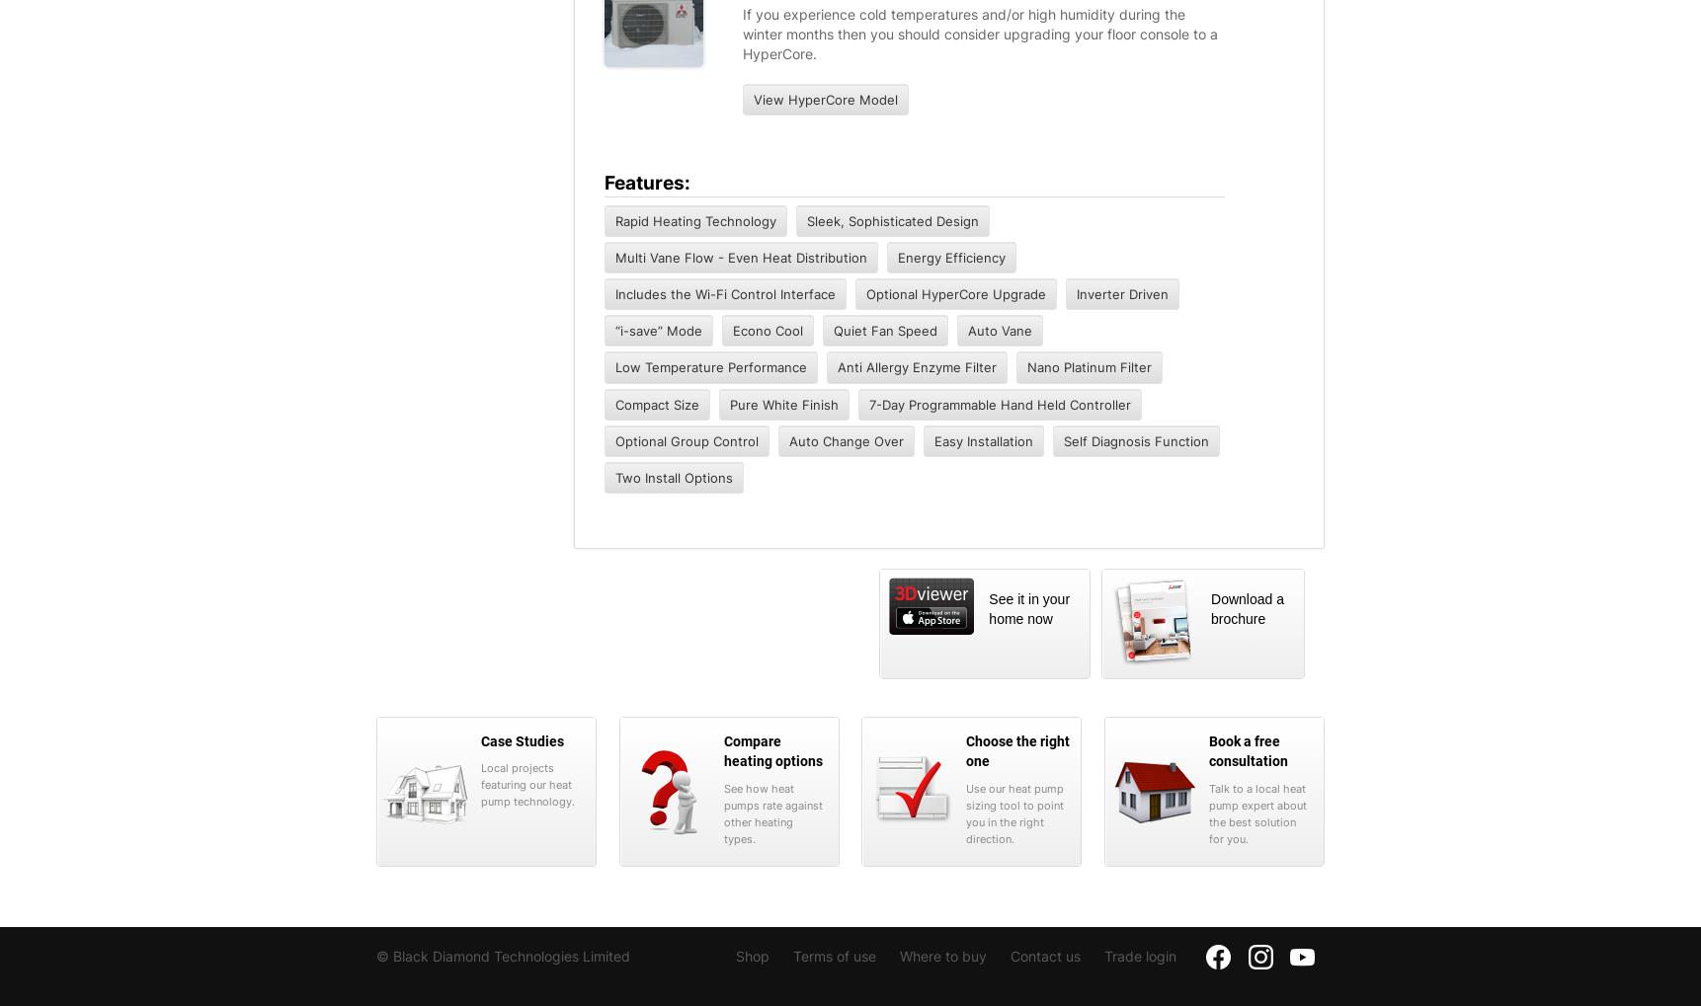  I want to click on 'Auto Change Over', so click(789, 440).